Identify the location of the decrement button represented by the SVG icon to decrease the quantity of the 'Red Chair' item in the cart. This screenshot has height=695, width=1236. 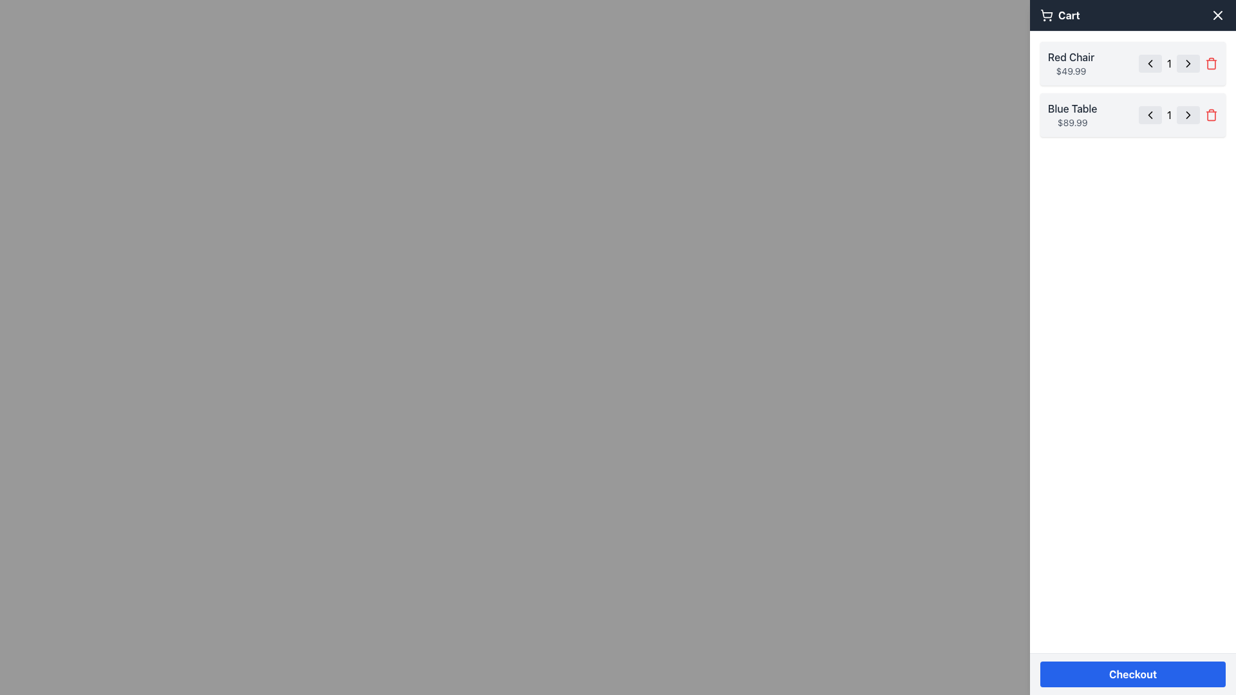
(1150, 64).